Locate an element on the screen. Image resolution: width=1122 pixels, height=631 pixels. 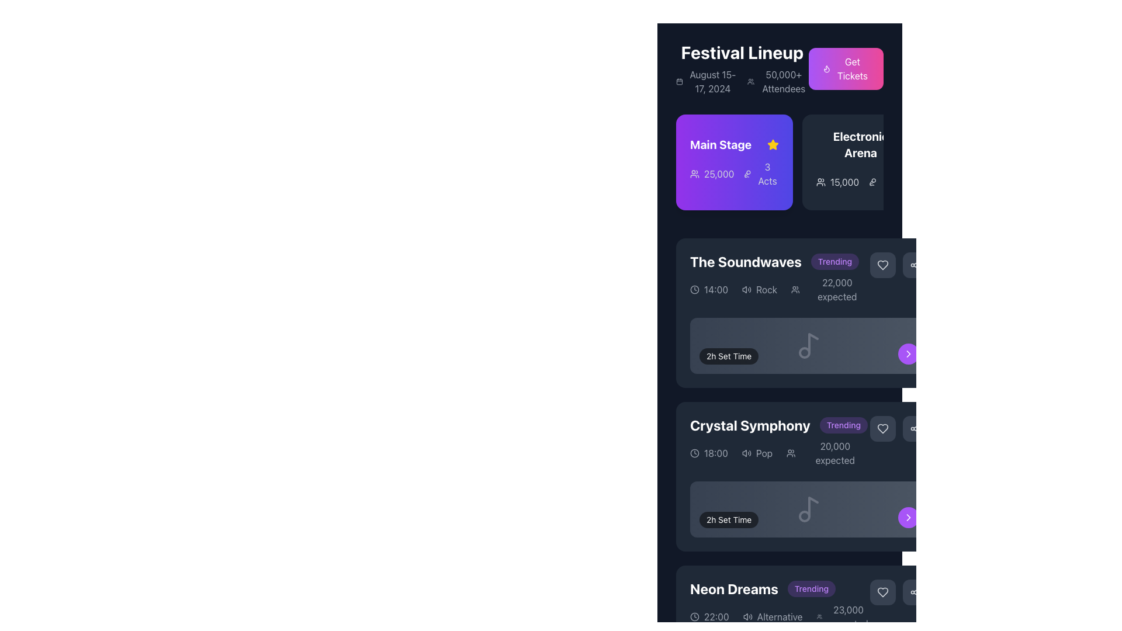
the leftmost sound-related icon in the 'Crystal Symphony' section, which represents audio playback and is positioned to the left of the text 'Pop' is located at coordinates (746, 452).